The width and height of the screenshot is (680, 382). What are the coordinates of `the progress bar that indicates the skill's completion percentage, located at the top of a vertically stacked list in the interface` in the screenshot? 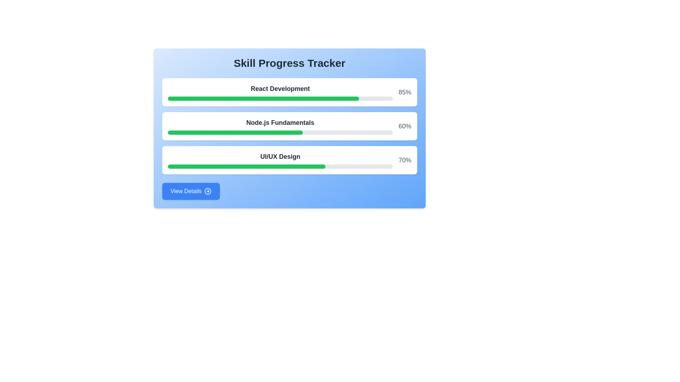 It's located at (289, 92).